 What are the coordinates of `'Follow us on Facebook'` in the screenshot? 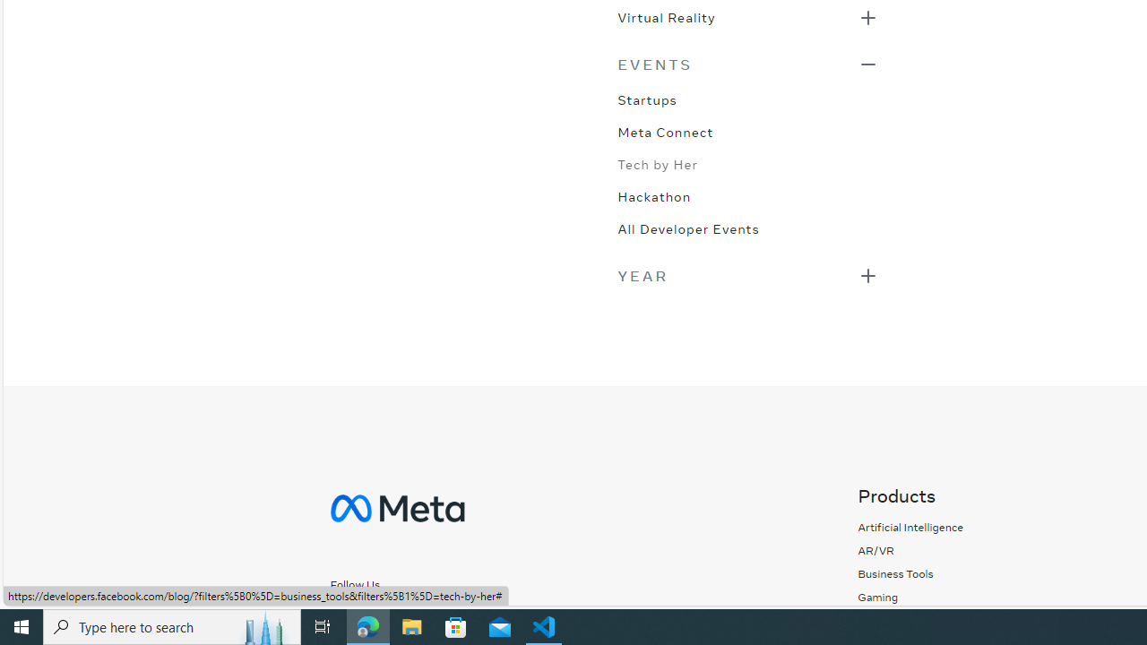 It's located at (350, 615).